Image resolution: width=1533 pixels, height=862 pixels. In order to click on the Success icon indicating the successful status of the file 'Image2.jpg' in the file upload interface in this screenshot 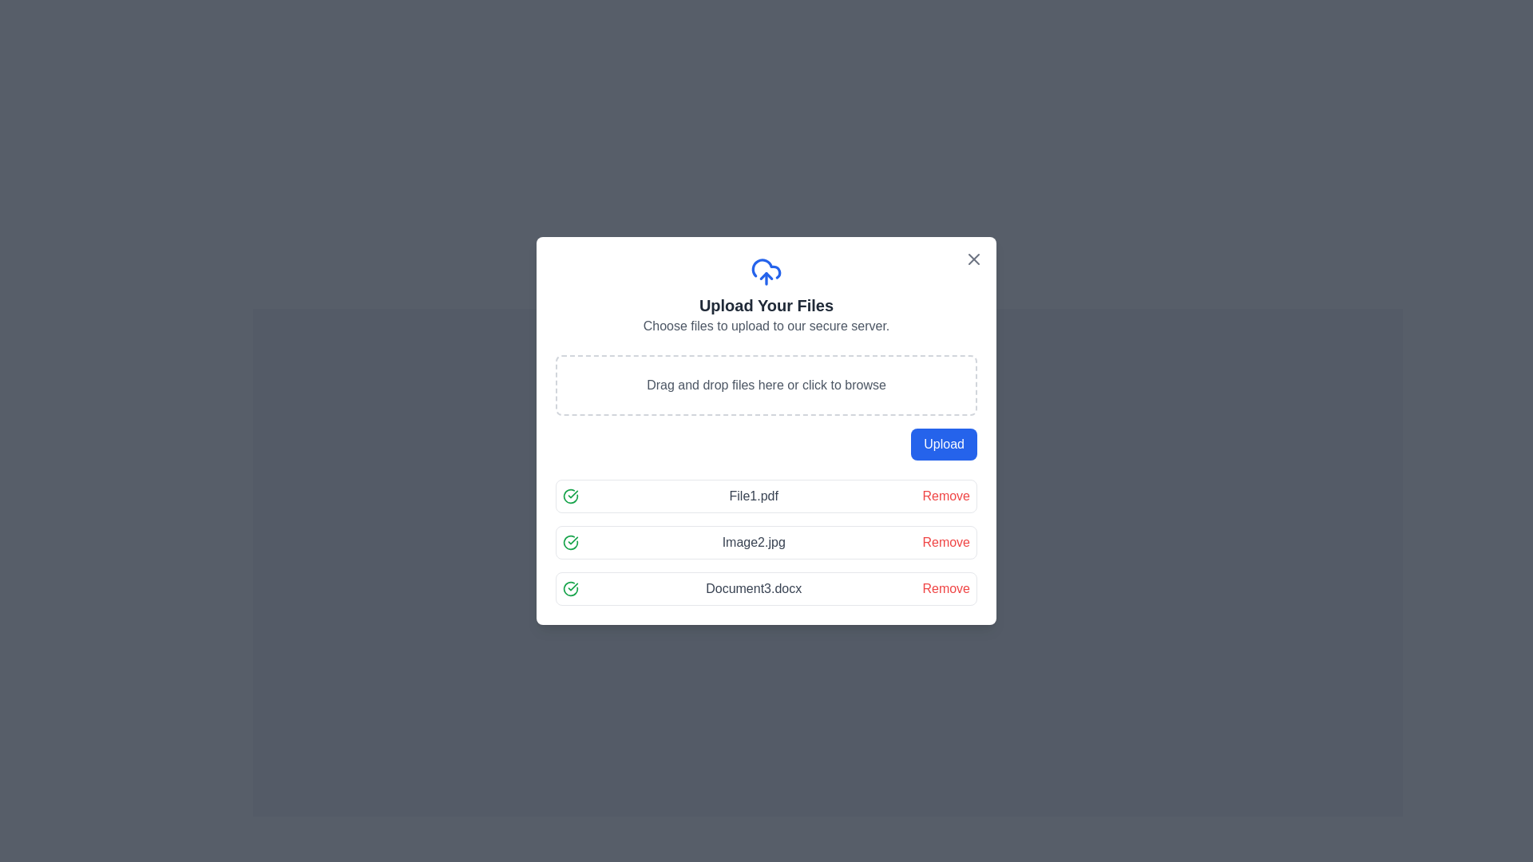, I will do `click(571, 541)`.